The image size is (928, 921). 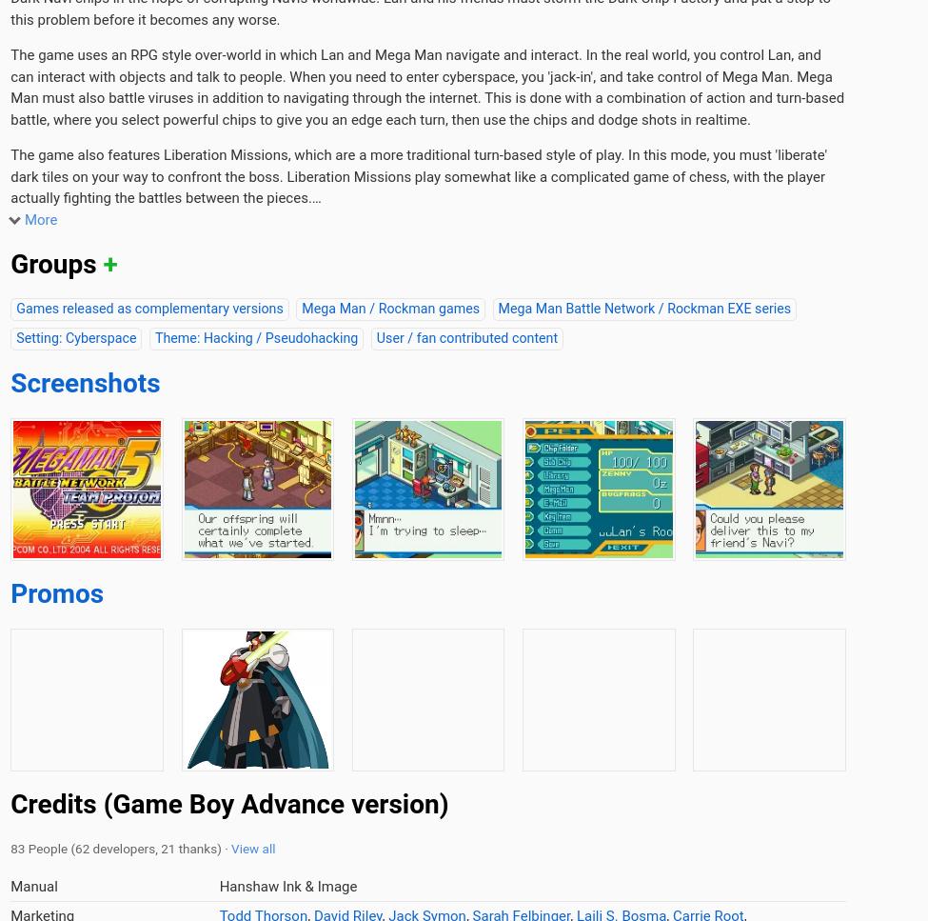 What do you see at coordinates (95, 430) in the screenshot?
I see `'Stats'` at bounding box center [95, 430].